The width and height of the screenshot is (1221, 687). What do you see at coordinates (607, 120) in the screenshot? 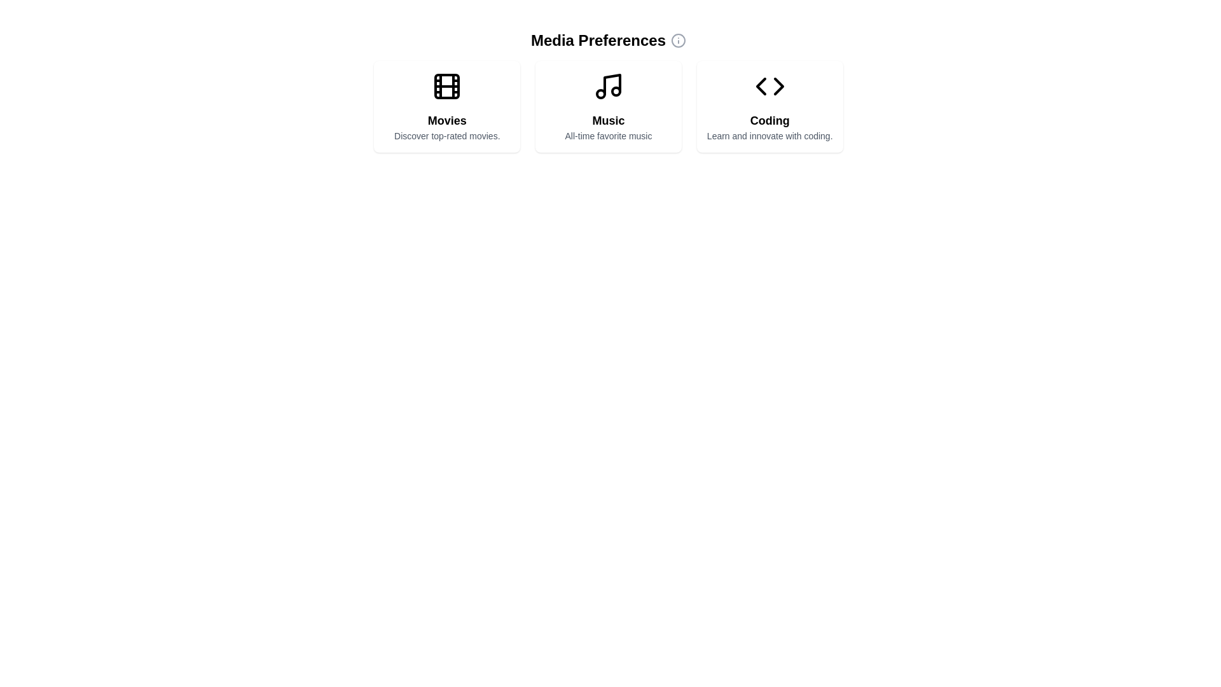
I see `label 'Music' displayed prominently in bold, large font at the center of the card` at bounding box center [607, 120].